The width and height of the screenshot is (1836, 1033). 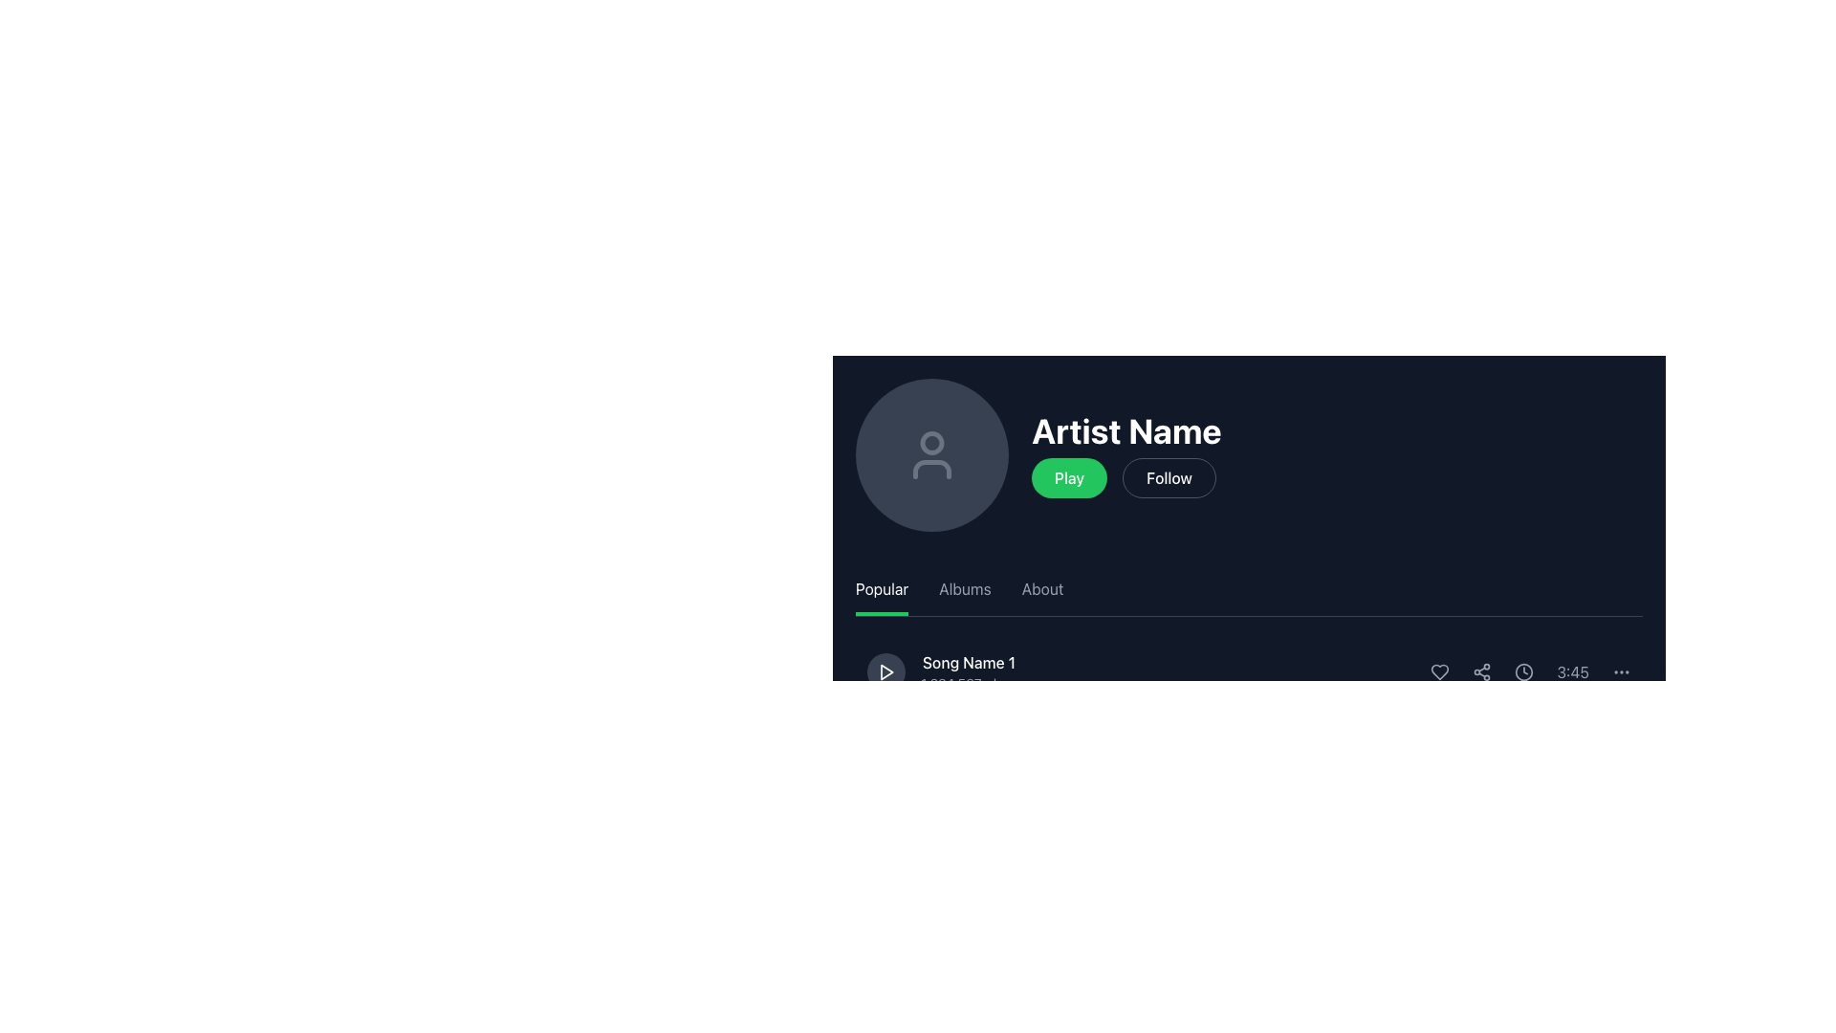 I want to click on the curved line resembling the base or torso section of a simplistic human figure icon, which is positioned at the lower segment of the SVG within the profile icon, so click(x=931, y=469).